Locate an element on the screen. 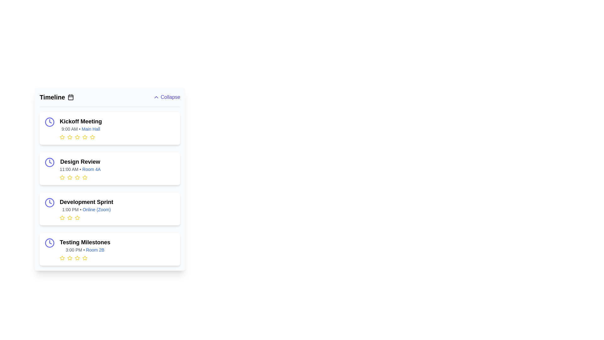 The image size is (604, 340). the text label displaying '1:00 PM • Online (Zoom)' located in the 'Development Sprint' section of the timeline interface, positioned below the title 'Development Sprint' is located at coordinates (86, 210).